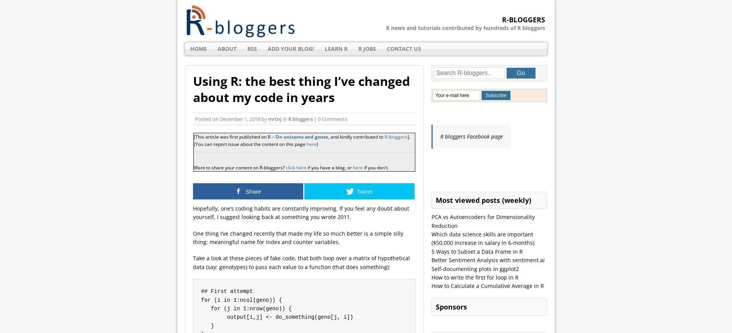  What do you see at coordinates (483, 199) in the screenshot?
I see `'Most viewed posts (weekly)'` at bounding box center [483, 199].